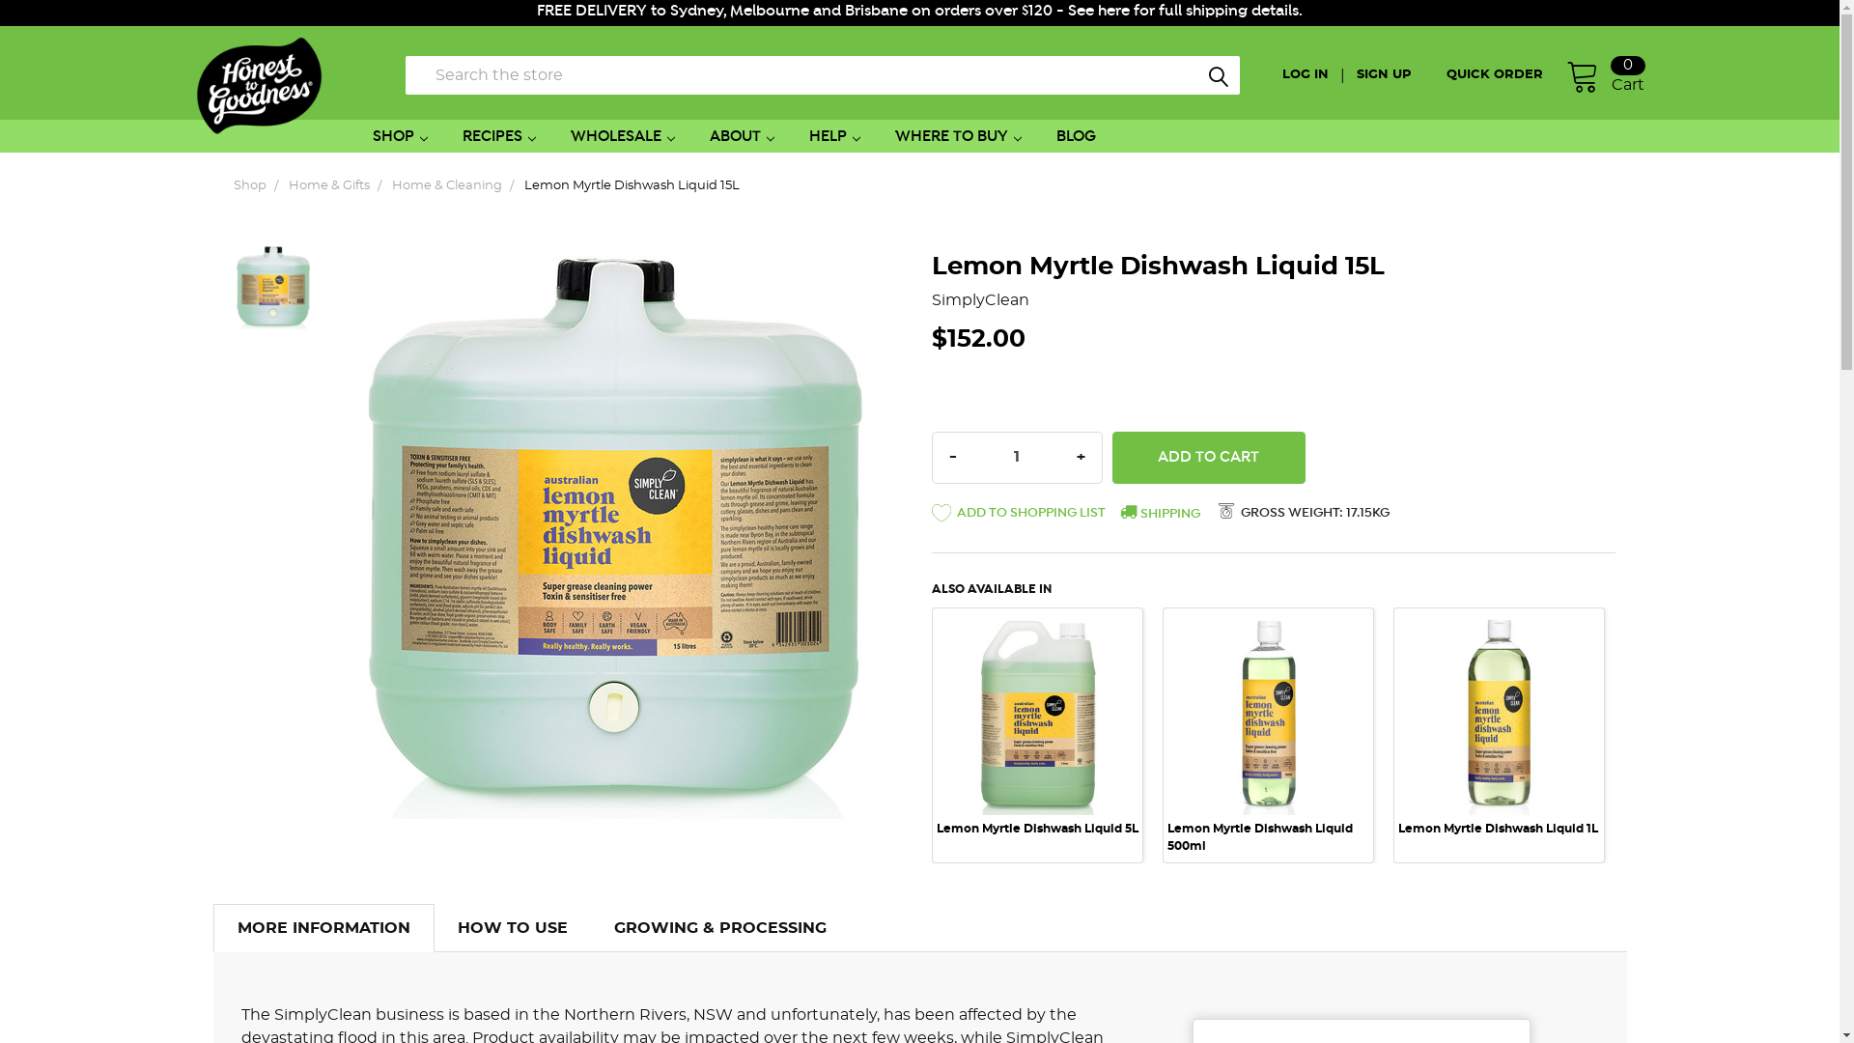 The image size is (1854, 1043). Describe the element at coordinates (263, 85) in the screenshot. I see `'Honest to Goodness'` at that location.